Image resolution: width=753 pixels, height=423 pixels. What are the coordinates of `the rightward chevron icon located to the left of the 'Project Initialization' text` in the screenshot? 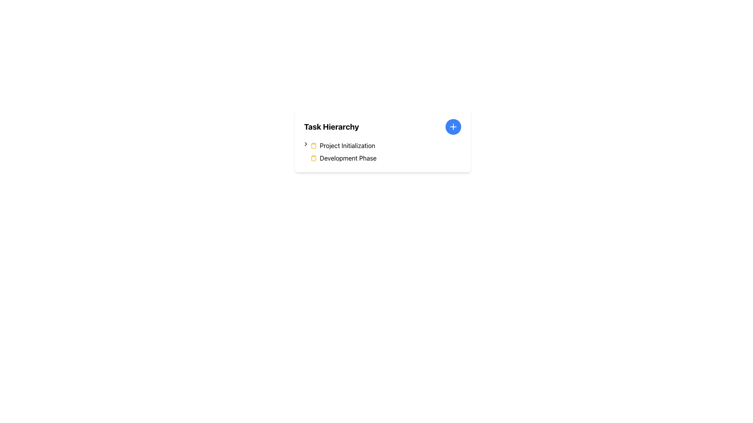 It's located at (305, 144).